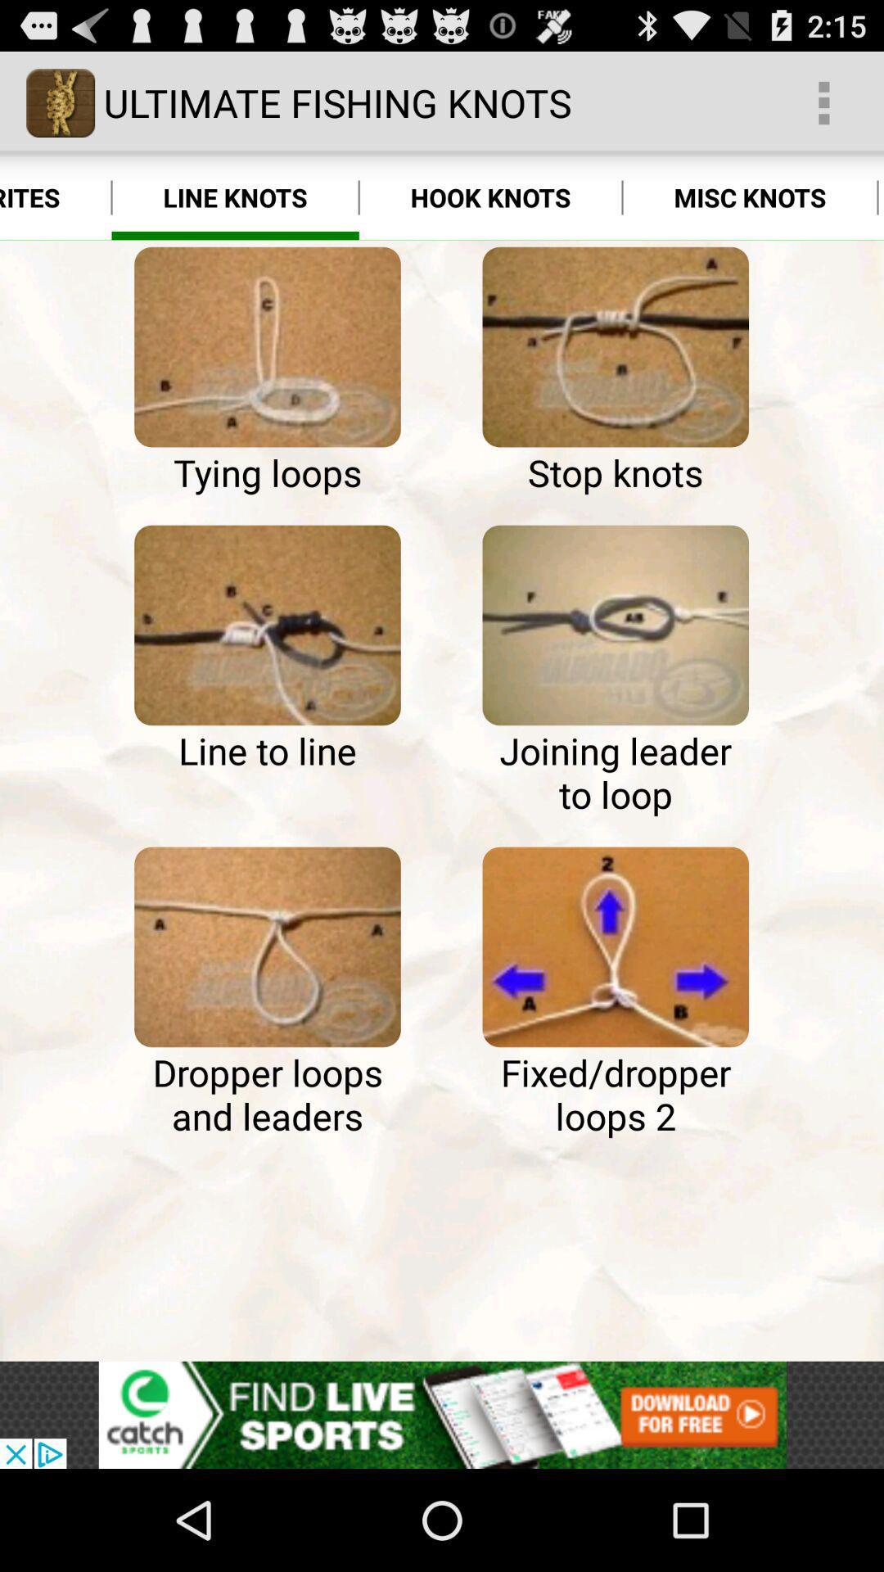 The image size is (884, 1572). I want to click on install application, so click(442, 1414).